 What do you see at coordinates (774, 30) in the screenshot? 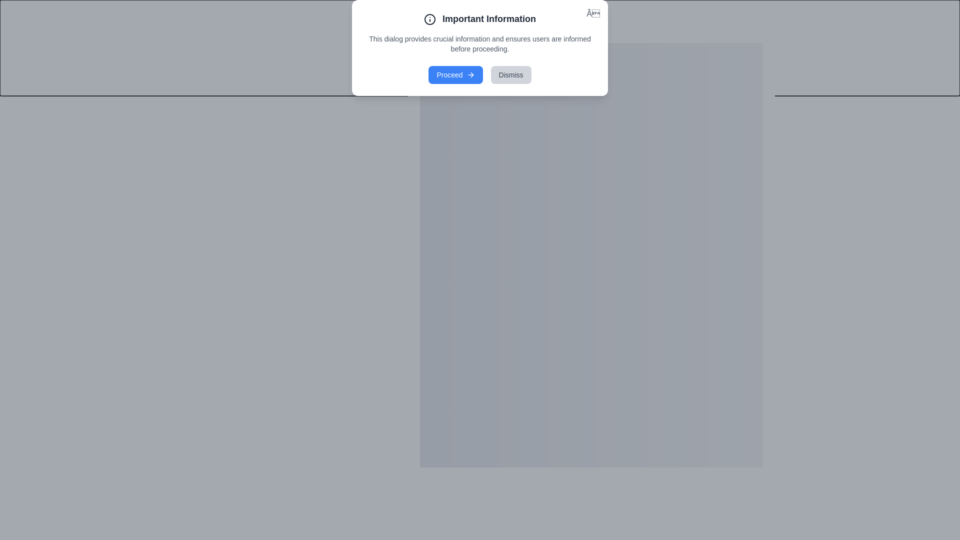
I see `the close button located at the top-right corner of the dialog` at bounding box center [774, 30].